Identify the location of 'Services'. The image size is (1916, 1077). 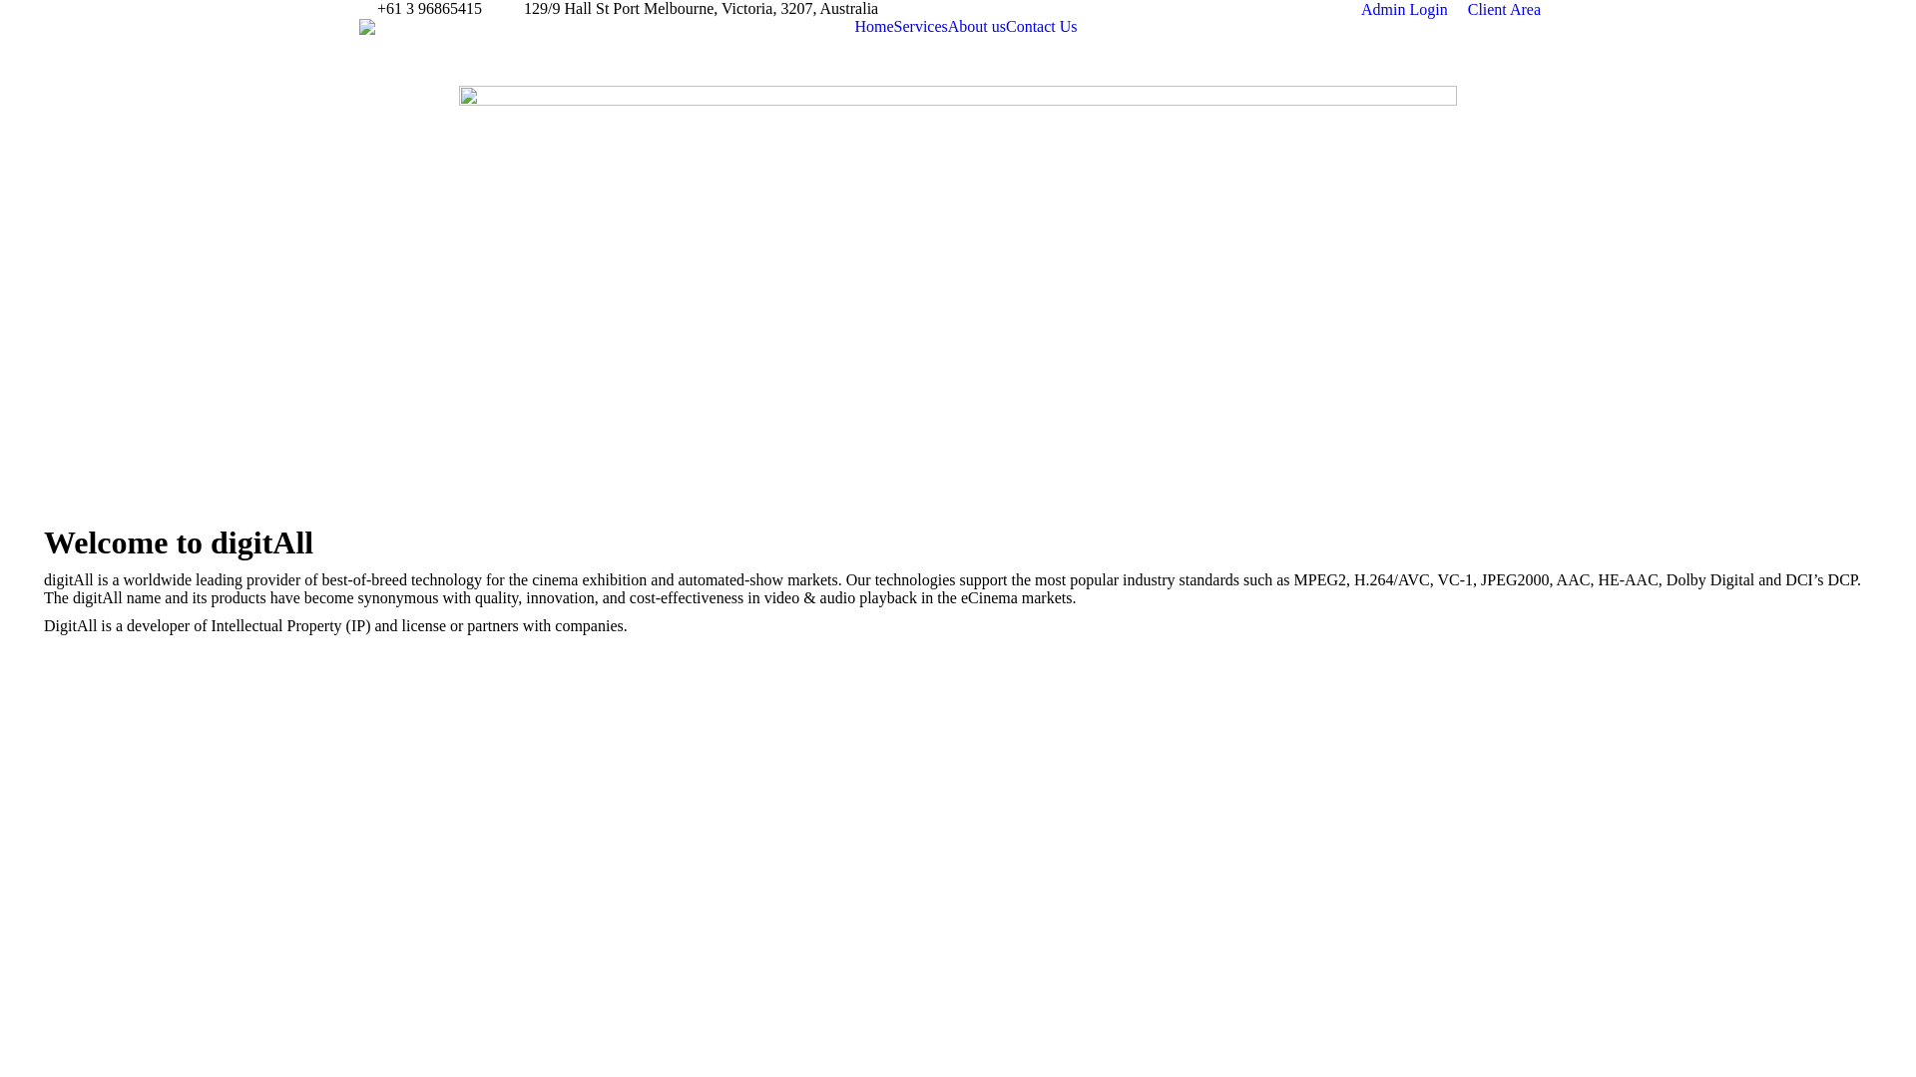
(919, 27).